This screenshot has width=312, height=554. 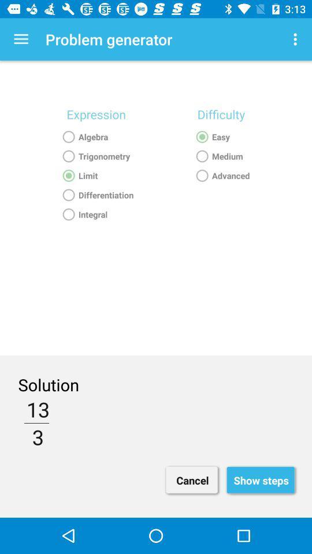 I want to click on integral along with the radio button beside it, so click(x=95, y=214).